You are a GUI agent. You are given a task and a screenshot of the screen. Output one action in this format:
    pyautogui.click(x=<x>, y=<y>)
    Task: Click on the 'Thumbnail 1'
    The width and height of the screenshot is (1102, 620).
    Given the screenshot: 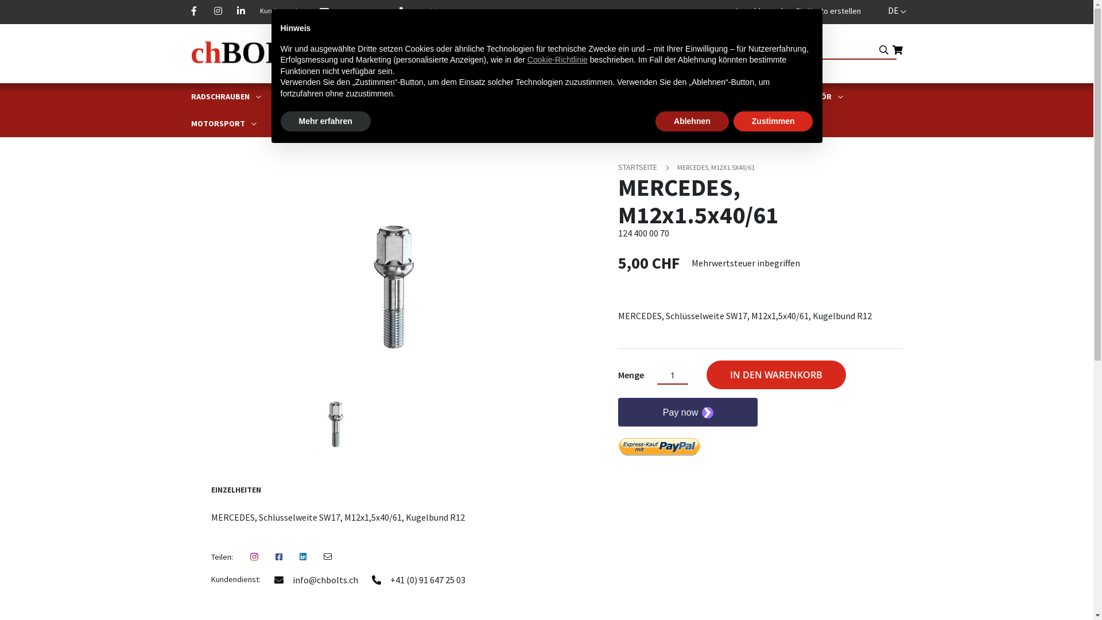 What is the action you would take?
    pyautogui.click(x=335, y=423)
    